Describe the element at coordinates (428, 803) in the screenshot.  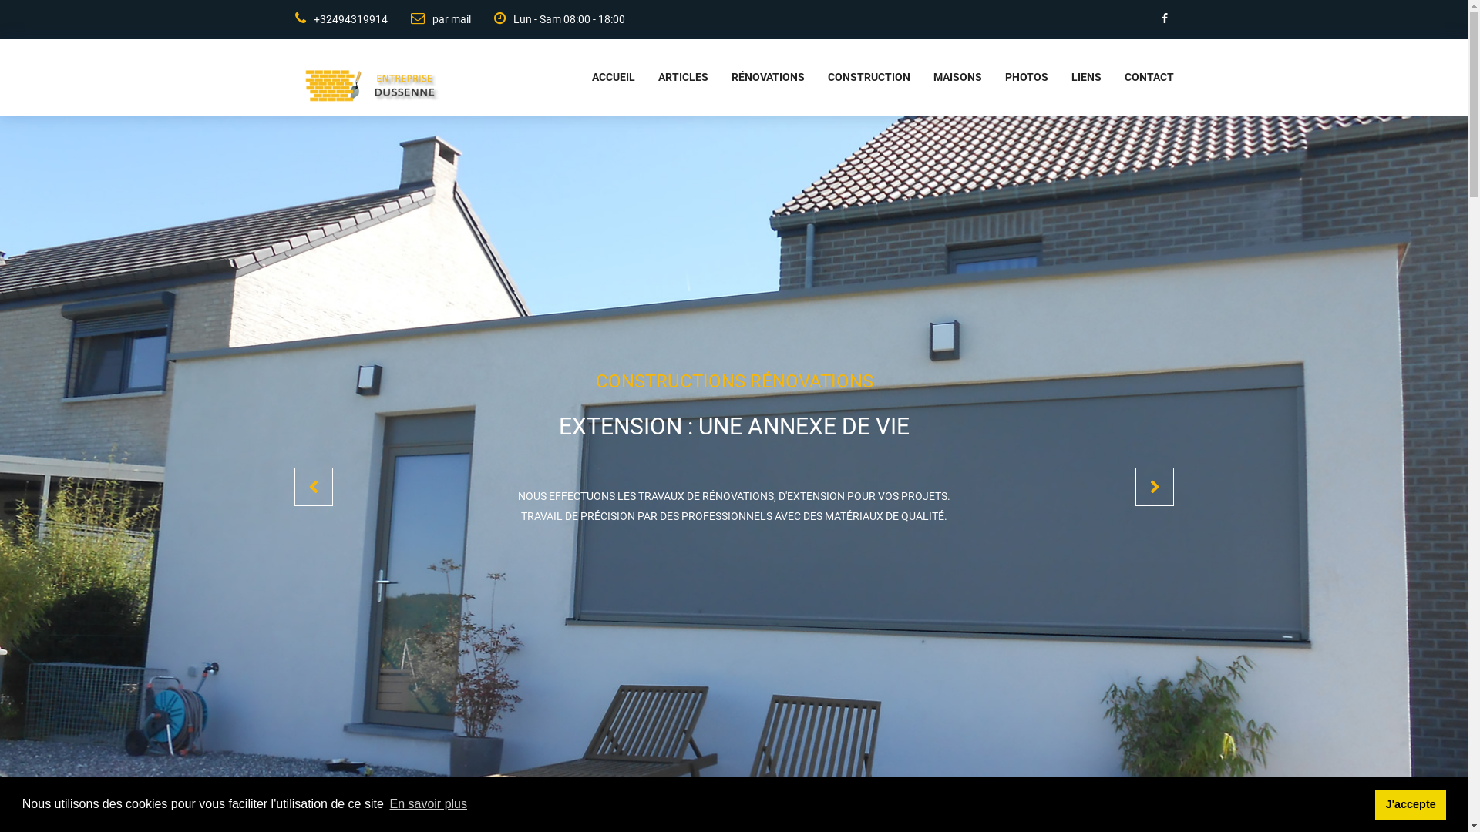
I see `'En savoir plus'` at that location.